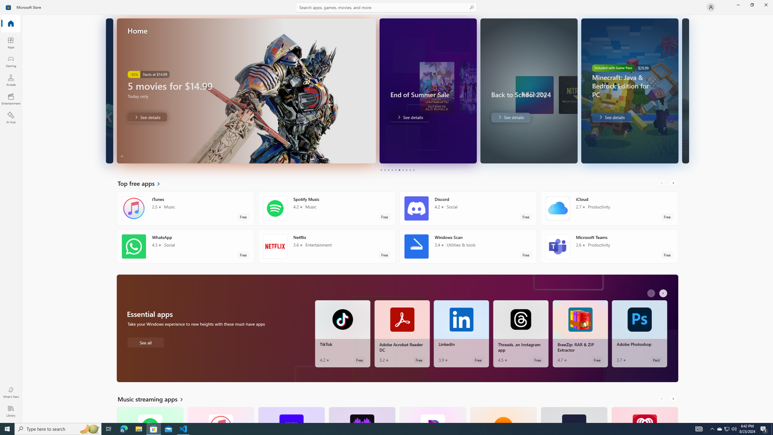 The height and width of the screenshot is (435, 773). What do you see at coordinates (410, 170) in the screenshot?
I see `'Page 9'` at bounding box center [410, 170].